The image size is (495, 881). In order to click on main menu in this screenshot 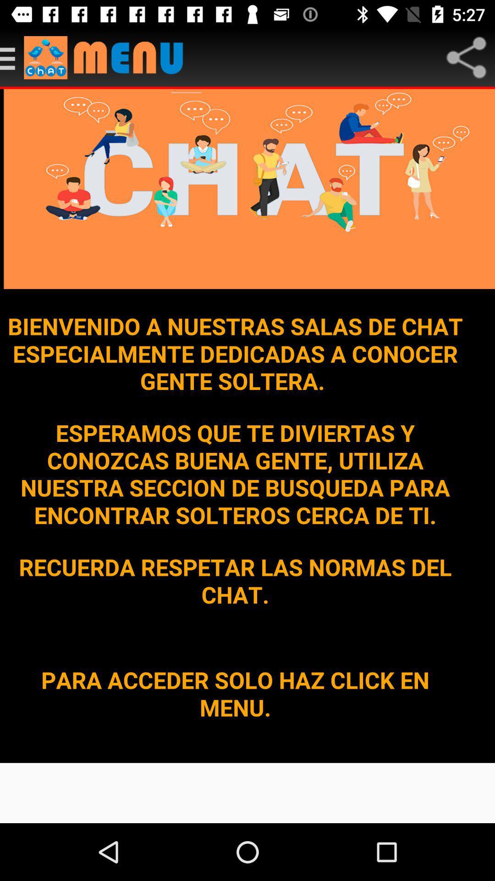, I will do `click(12, 57)`.